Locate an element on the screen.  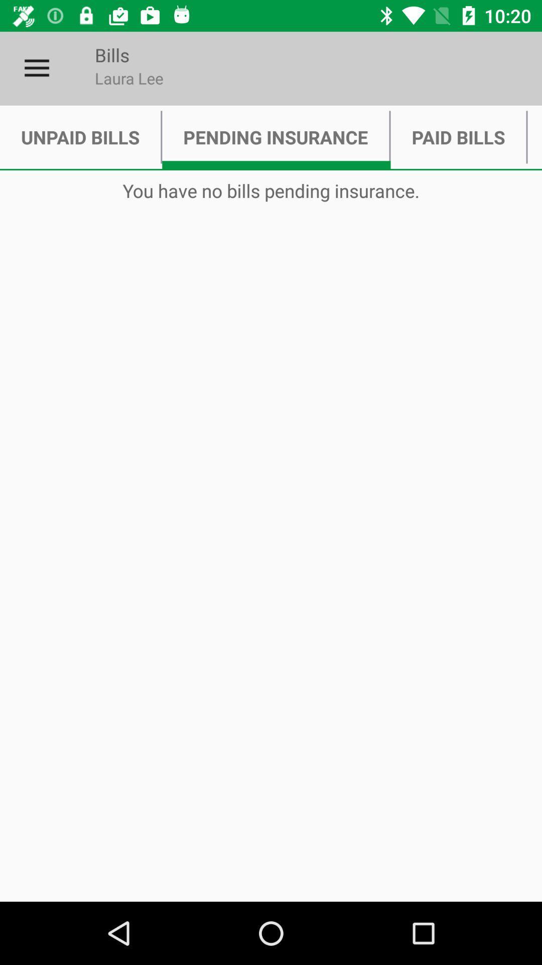
icon next to bills icon is located at coordinates (36, 68).